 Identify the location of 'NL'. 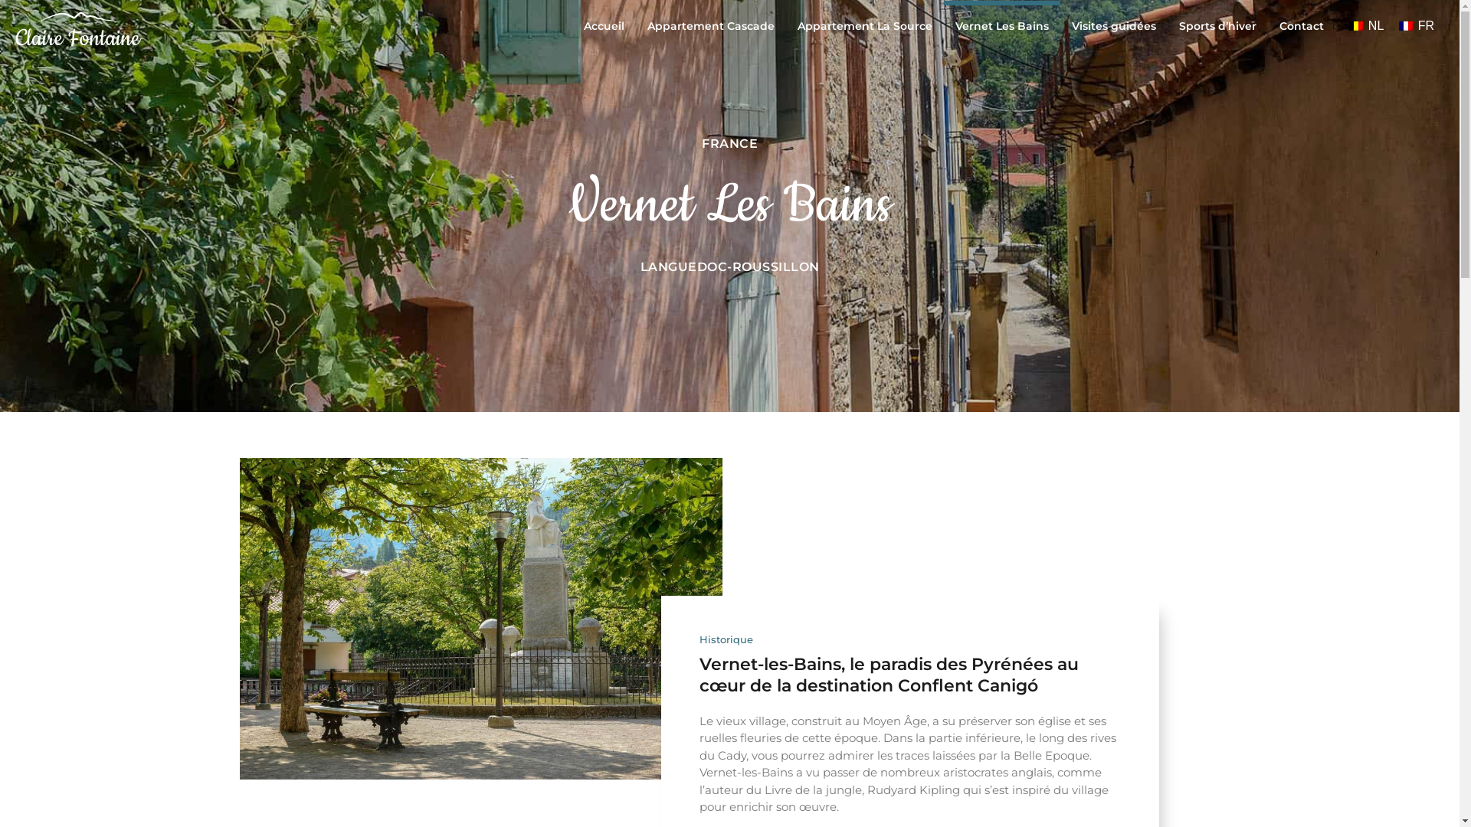
(1366, 26).